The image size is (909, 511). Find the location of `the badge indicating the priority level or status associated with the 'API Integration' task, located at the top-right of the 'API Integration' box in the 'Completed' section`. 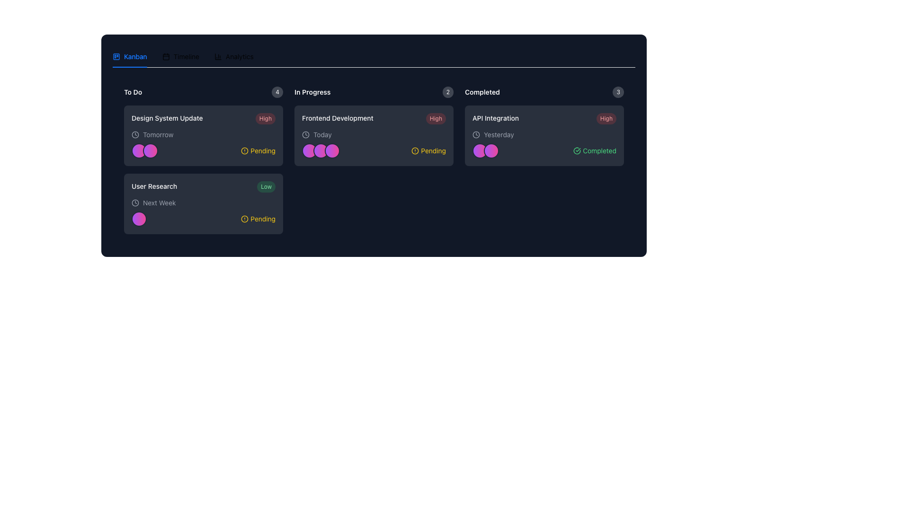

the badge indicating the priority level or status associated with the 'API Integration' task, located at the top-right of the 'API Integration' box in the 'Completed' section is located at coordinates (606, 118).